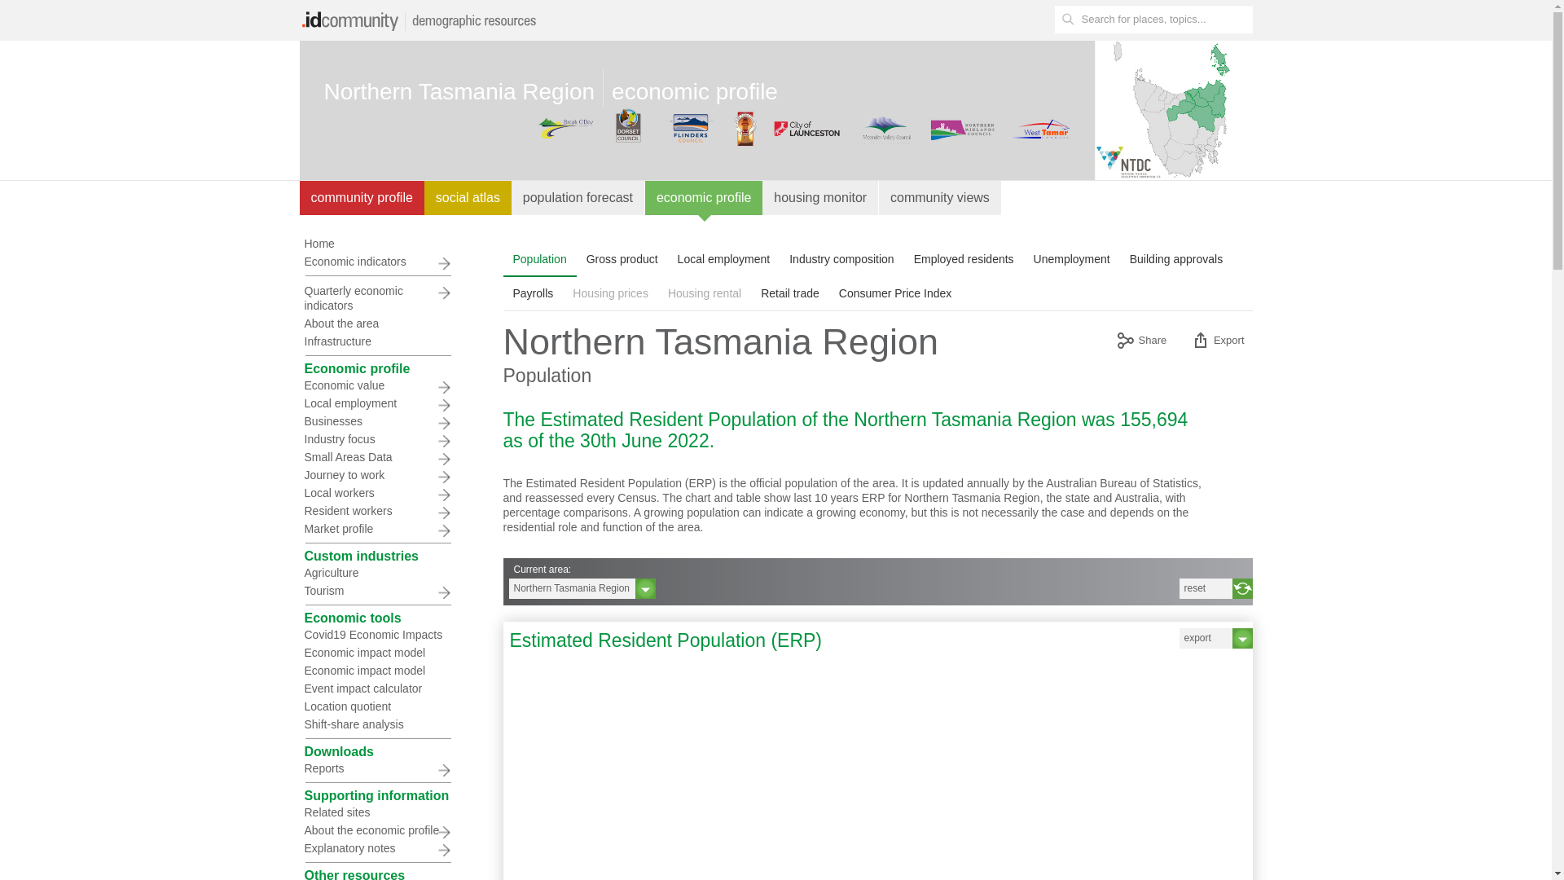  I want to click on 'Economic impact model', so click(300, 652).